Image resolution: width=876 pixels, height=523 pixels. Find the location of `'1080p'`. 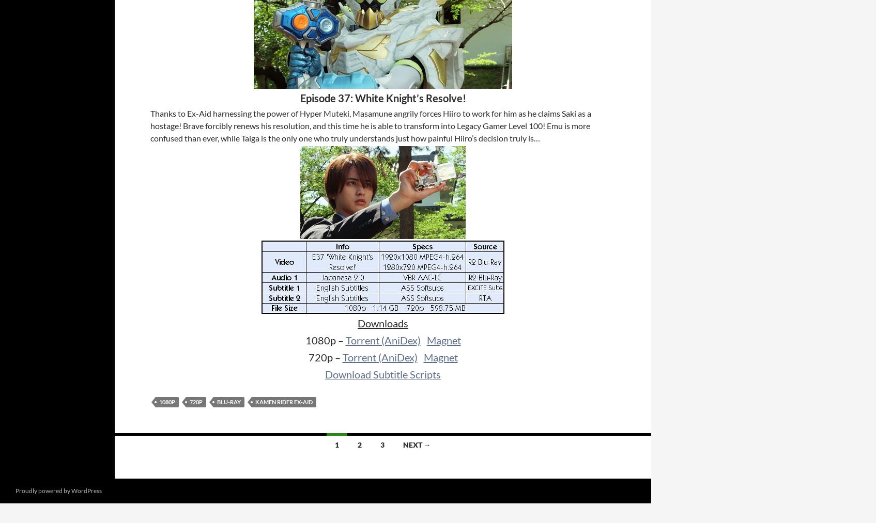

'1080p' is located at coordinates (167, 402).